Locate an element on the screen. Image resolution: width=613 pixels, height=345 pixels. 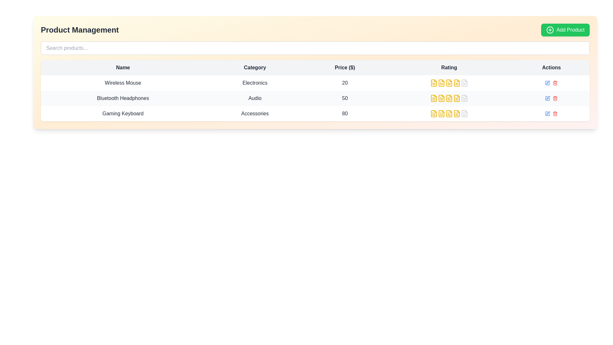
the edit icon (pen icon) in the 'Actions' column for the 'Bluetooth Headphones' product is located at coordinates (548, 82).